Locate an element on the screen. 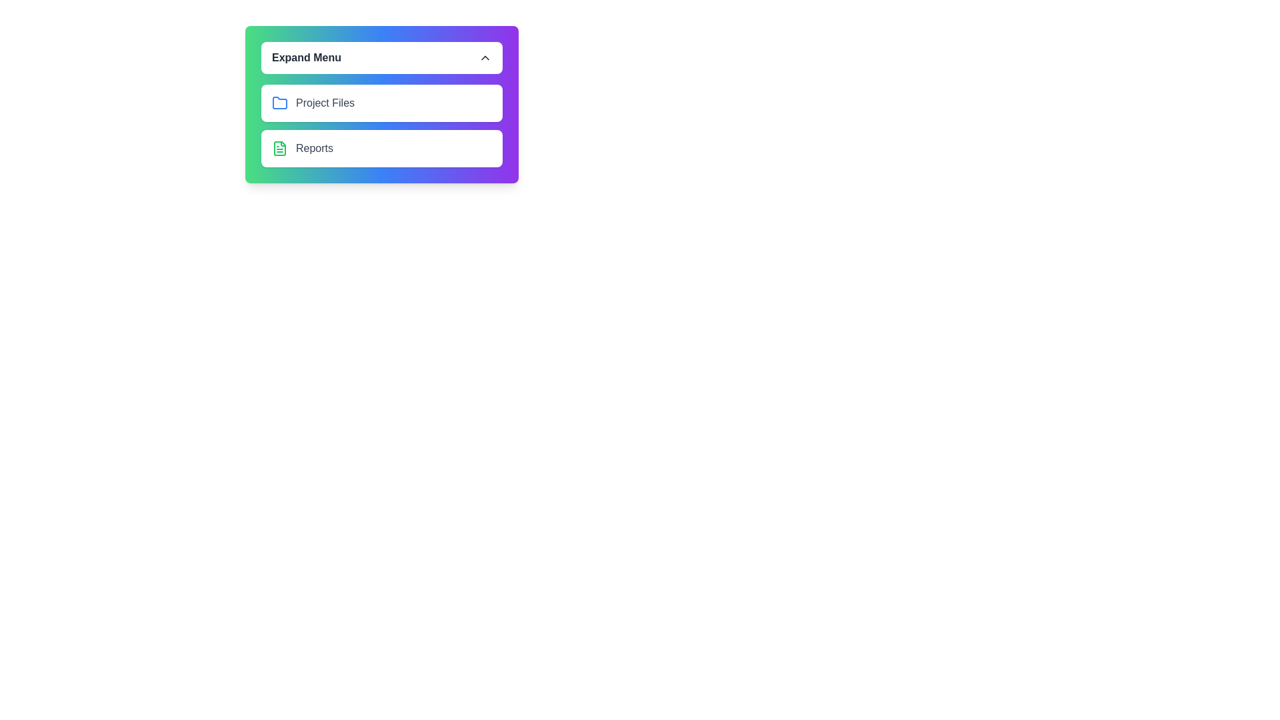 The image size is (1280, 720). label 'Project Files' which is displayed in gray text next to the folder icon in the menu section is located at coordinates (325, 102).